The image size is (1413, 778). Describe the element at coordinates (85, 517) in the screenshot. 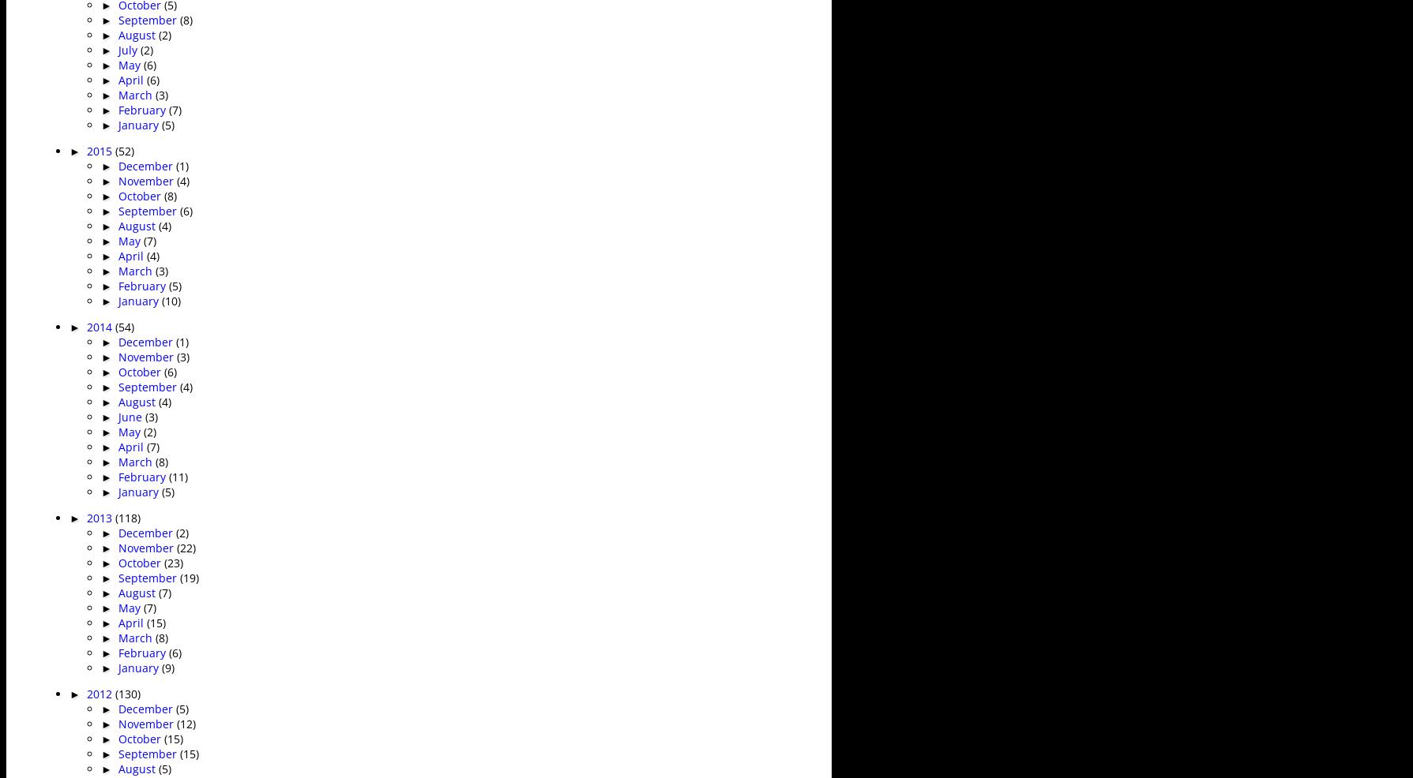

I see `'2013'` at that location.